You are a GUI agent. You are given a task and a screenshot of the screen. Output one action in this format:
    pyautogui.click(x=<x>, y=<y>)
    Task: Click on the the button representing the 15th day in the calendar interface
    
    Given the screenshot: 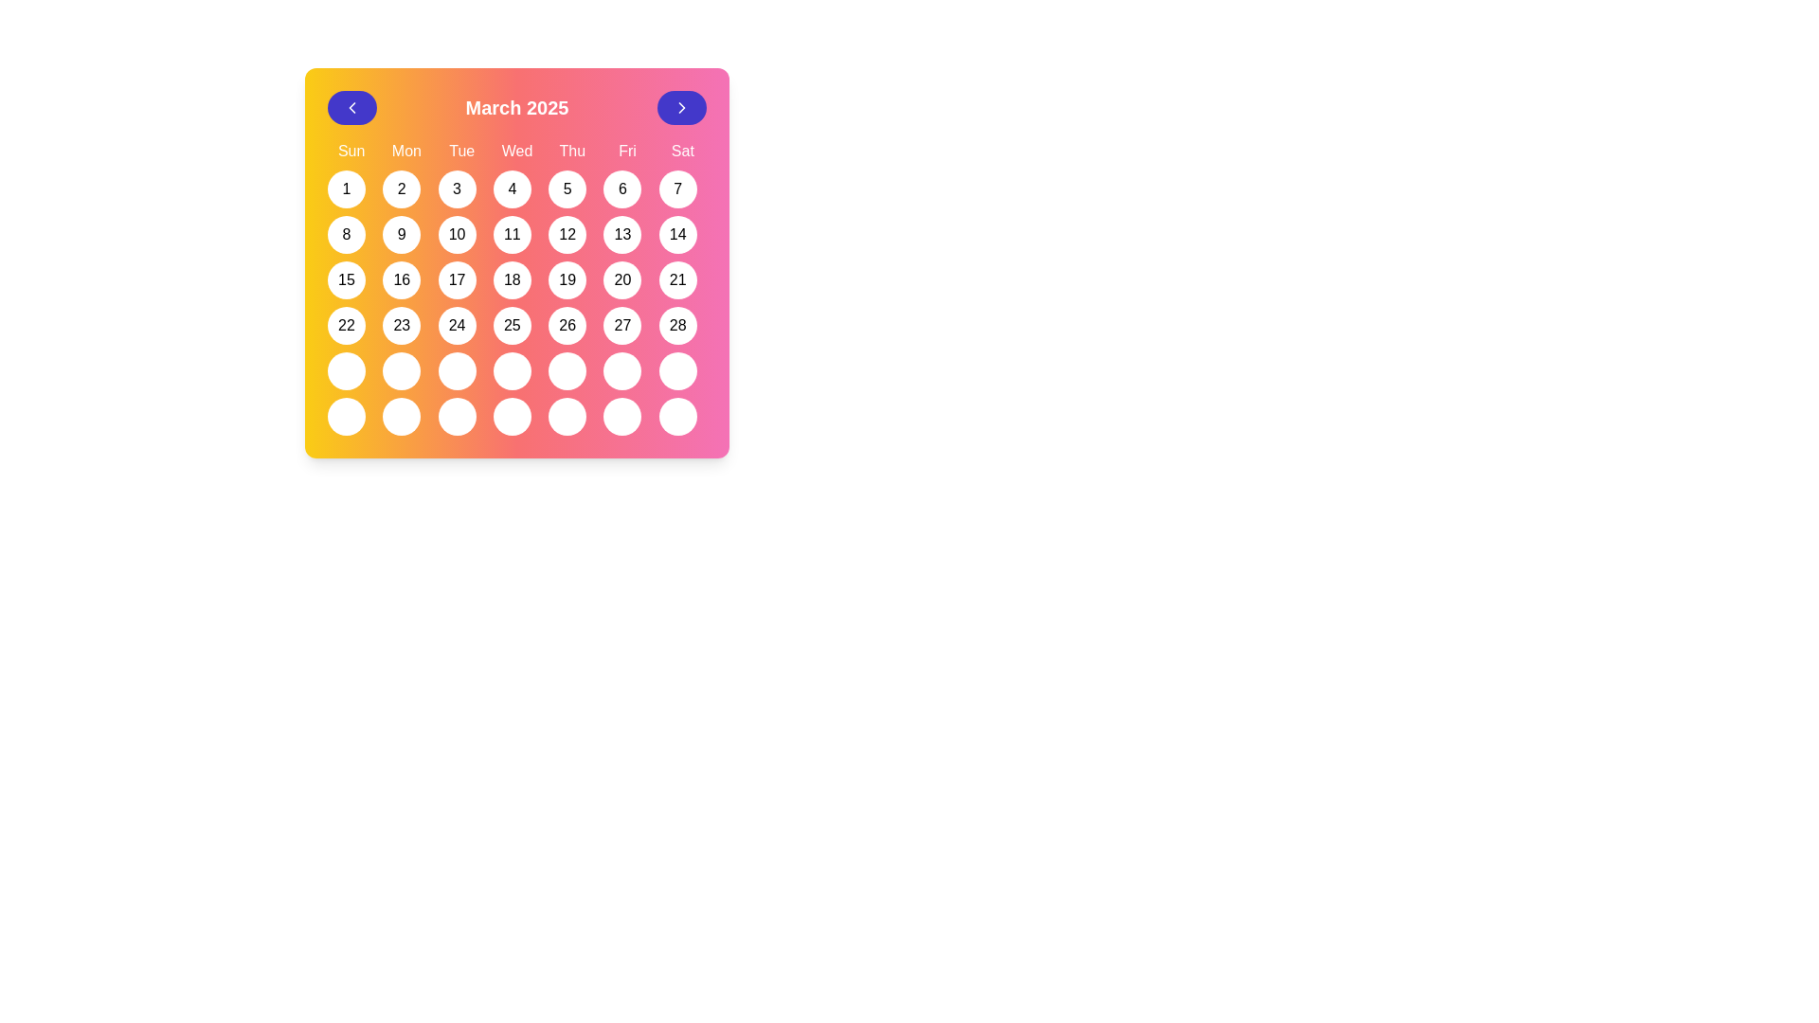 What is the action you would take?
    pyautogui.click(x=346, y=280)
    